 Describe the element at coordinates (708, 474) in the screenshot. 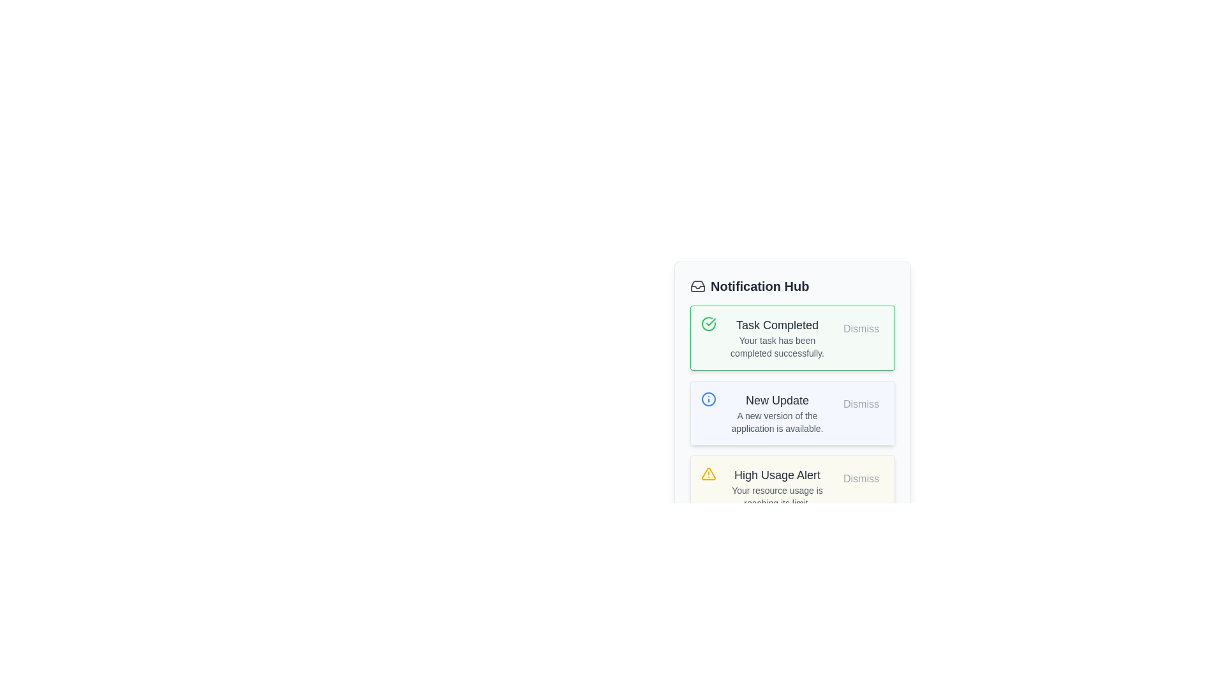

I see `the warning icon shaped like a triangle with an exclamation point inside, which has a yellow outline and is found within the 'High Usage Alert' notification card, positioned to the left of the alert title text` at that location.